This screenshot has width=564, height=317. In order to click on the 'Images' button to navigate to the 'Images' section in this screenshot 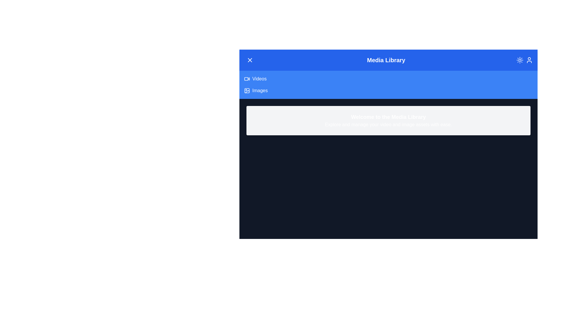, I will do `click(259, 90)`.